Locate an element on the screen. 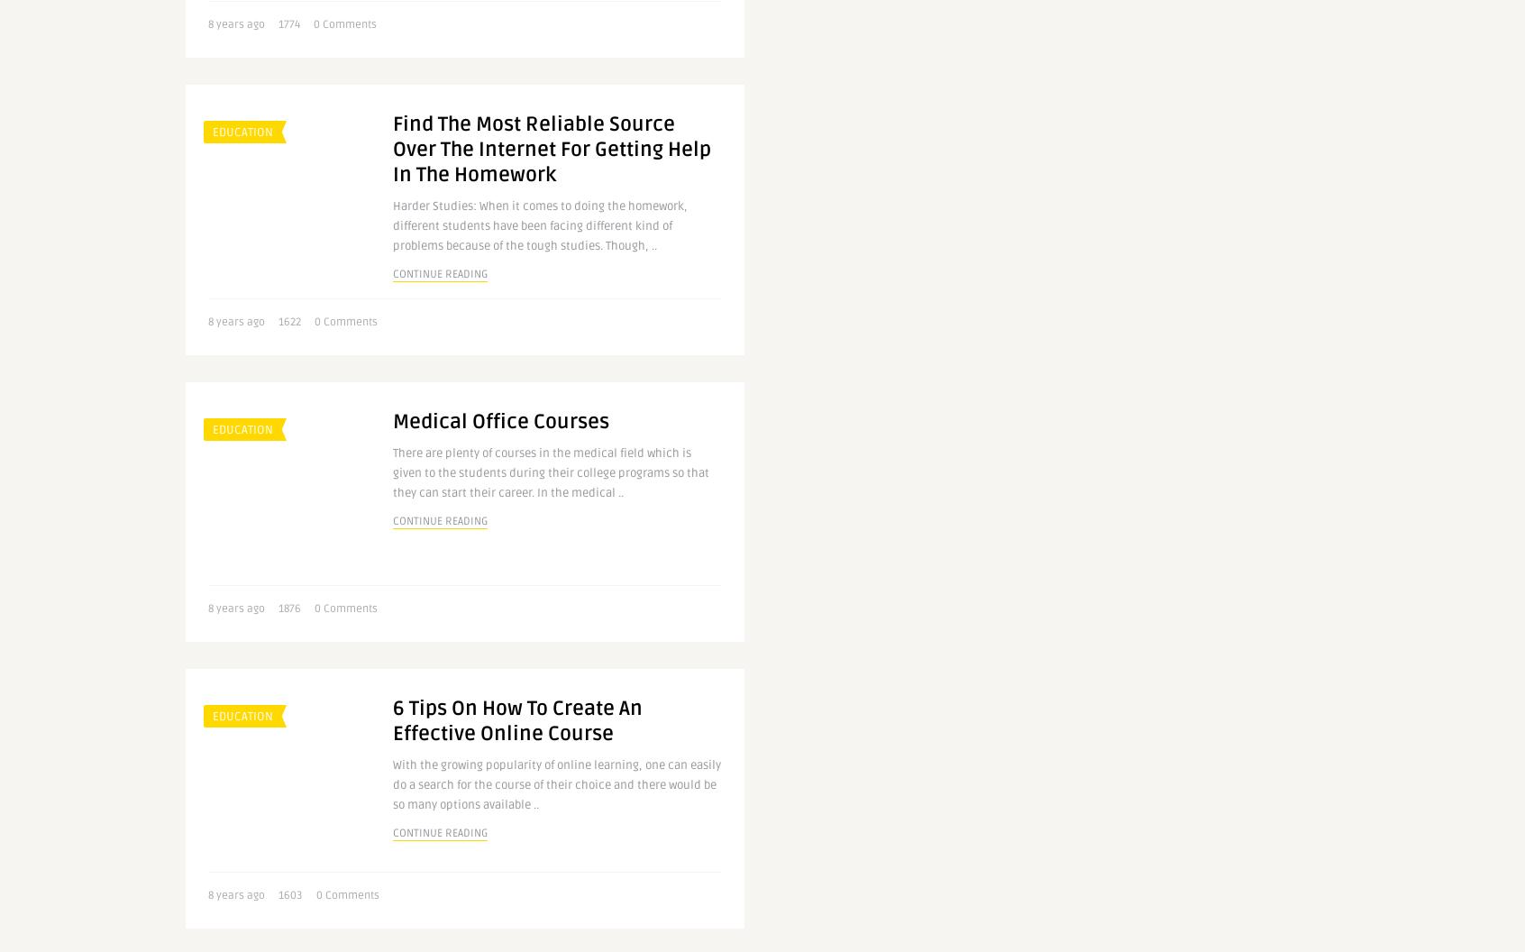  '1774' is located at coordinates (288, 24).